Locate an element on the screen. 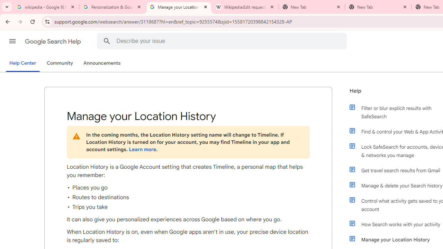 This screenshot has height=249, width=443. 'Community' is located at coordinates (60, 63).